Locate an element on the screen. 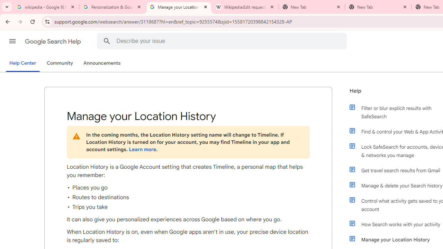 This screenshot has height=249, width=443. 'Community' is located at coordinates (60, 63).